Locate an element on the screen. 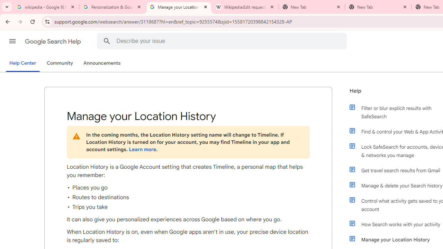 This screenshot has height=249, width=443. 'Community' is located at coordinates (60, 63).